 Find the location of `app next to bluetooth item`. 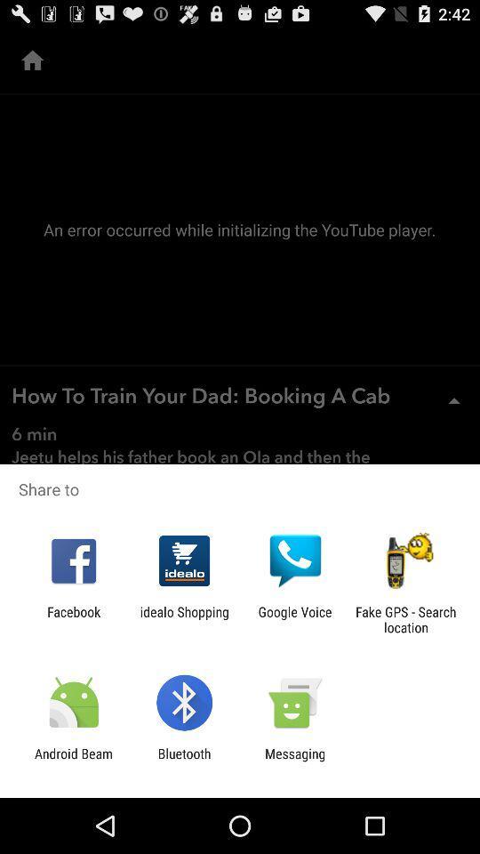

app next to bluetooth item is located at coordinates (73, 761).